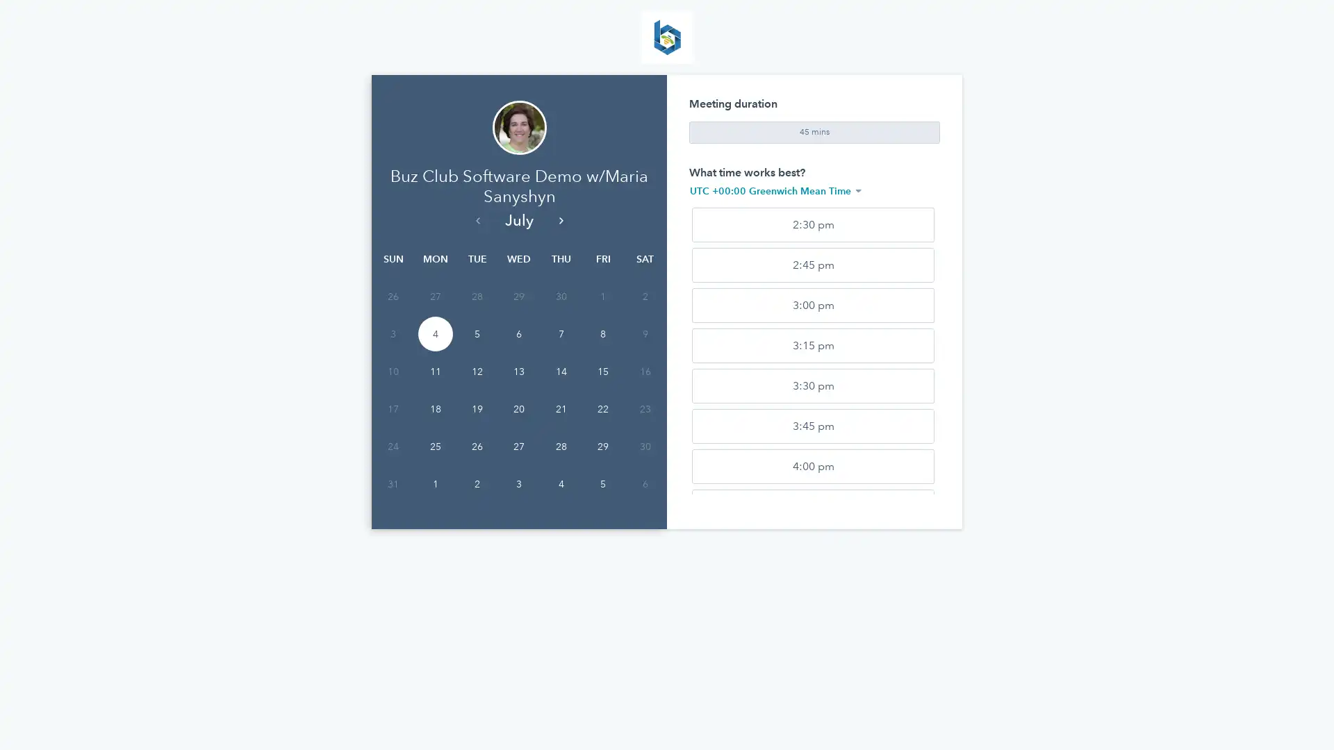 The image size is (1334, 750). I want to click on July 19th, so click(477, 408).